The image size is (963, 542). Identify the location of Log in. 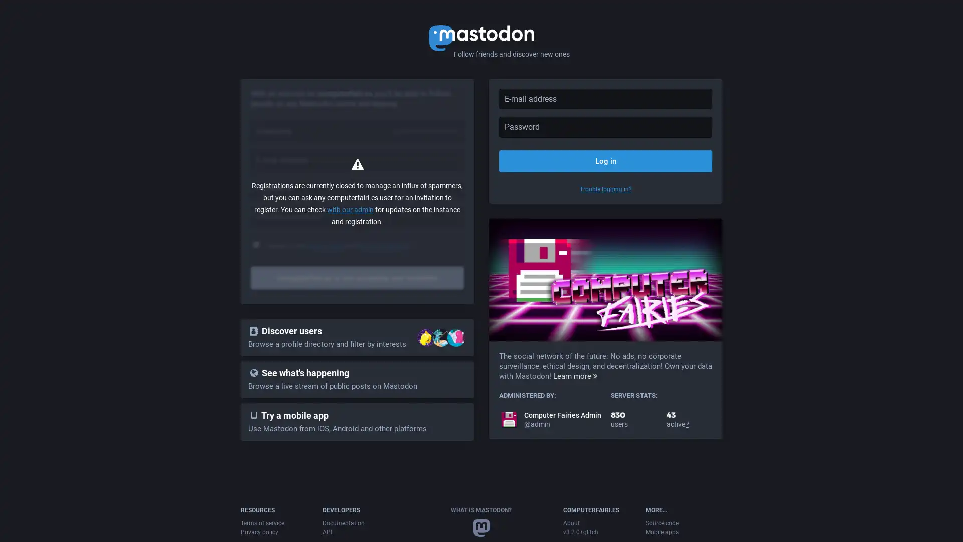
(605, 160).